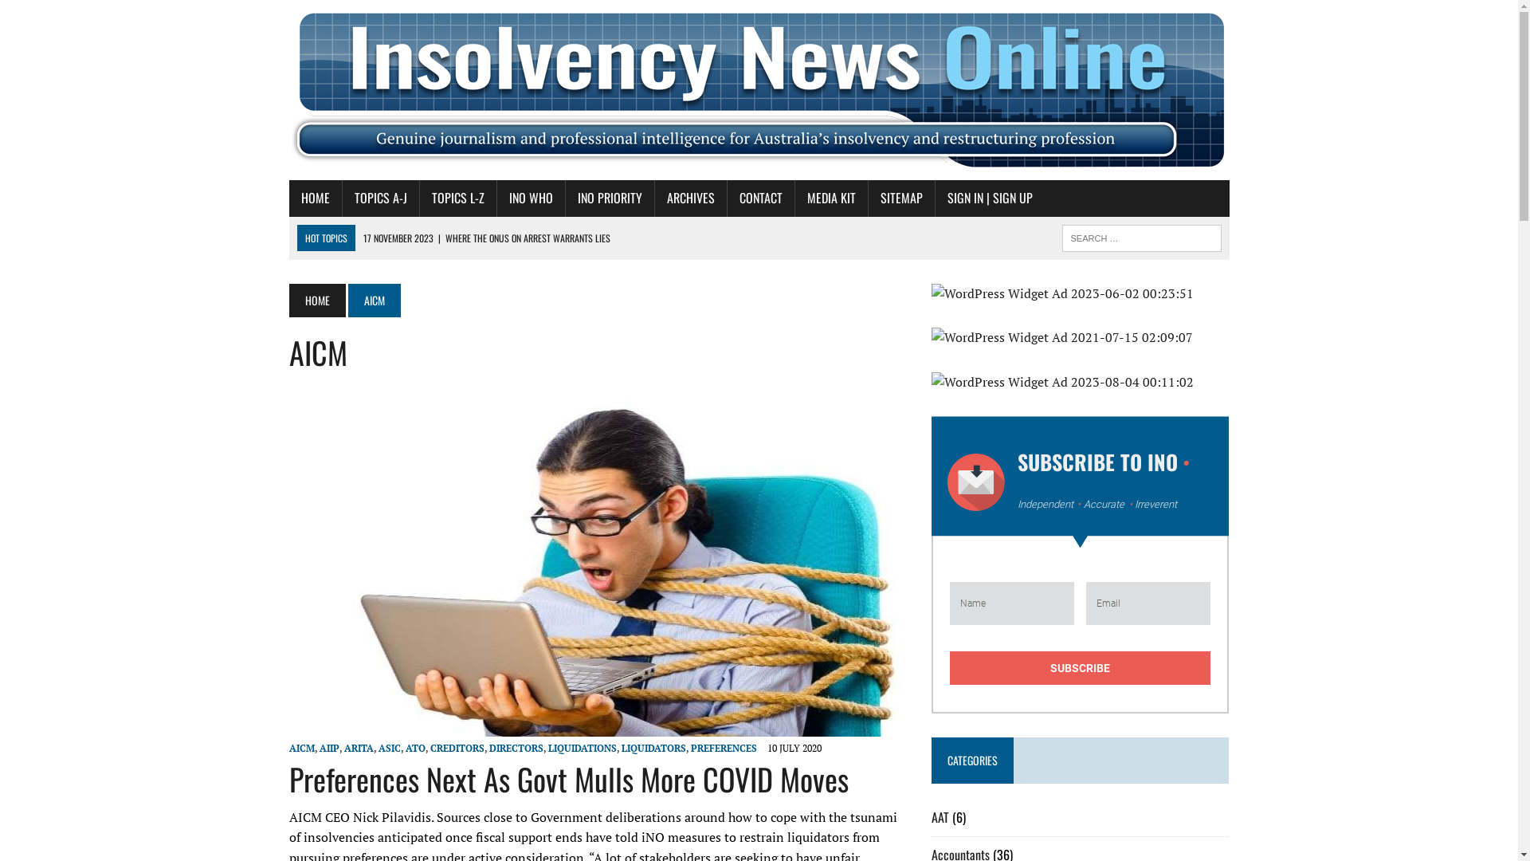 The height and width of the screenshot is (861, 1530). Describe the element at coordinates (358, 748) in the screenshot. I see `'ARITA'` at that location.